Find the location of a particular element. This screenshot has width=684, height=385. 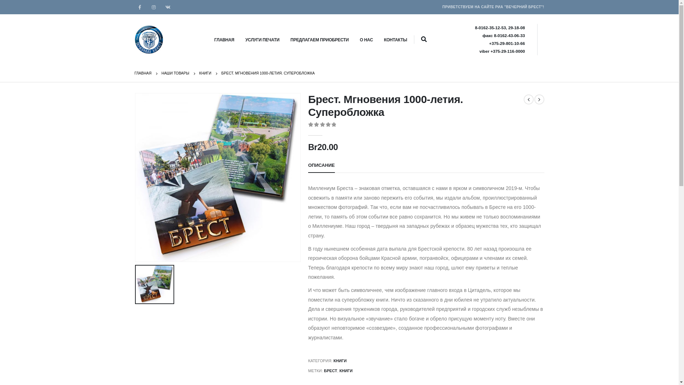

'Instagram' is located at coordinates (153, 7).